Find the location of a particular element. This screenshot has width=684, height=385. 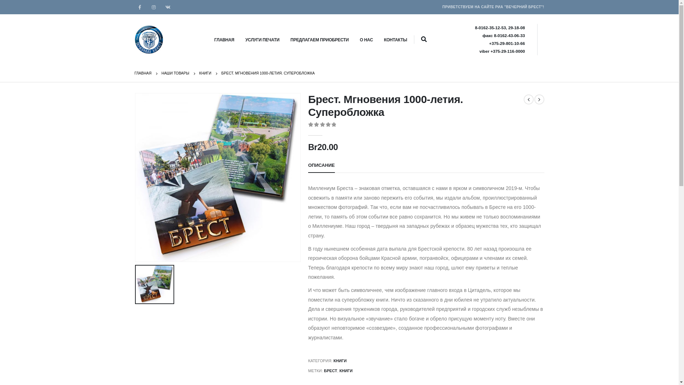

'Instagram' is located at coordinates (153, 7).